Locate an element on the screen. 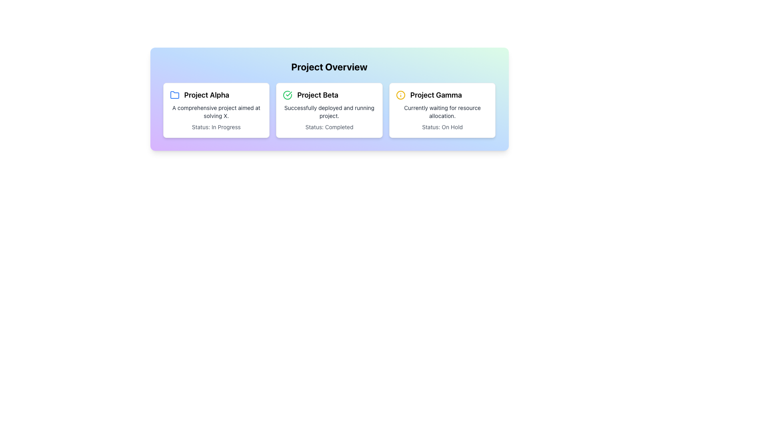 The image size is (768, 432). the middle project card titled 'Project Beta' is located at coordinates (329, 110).